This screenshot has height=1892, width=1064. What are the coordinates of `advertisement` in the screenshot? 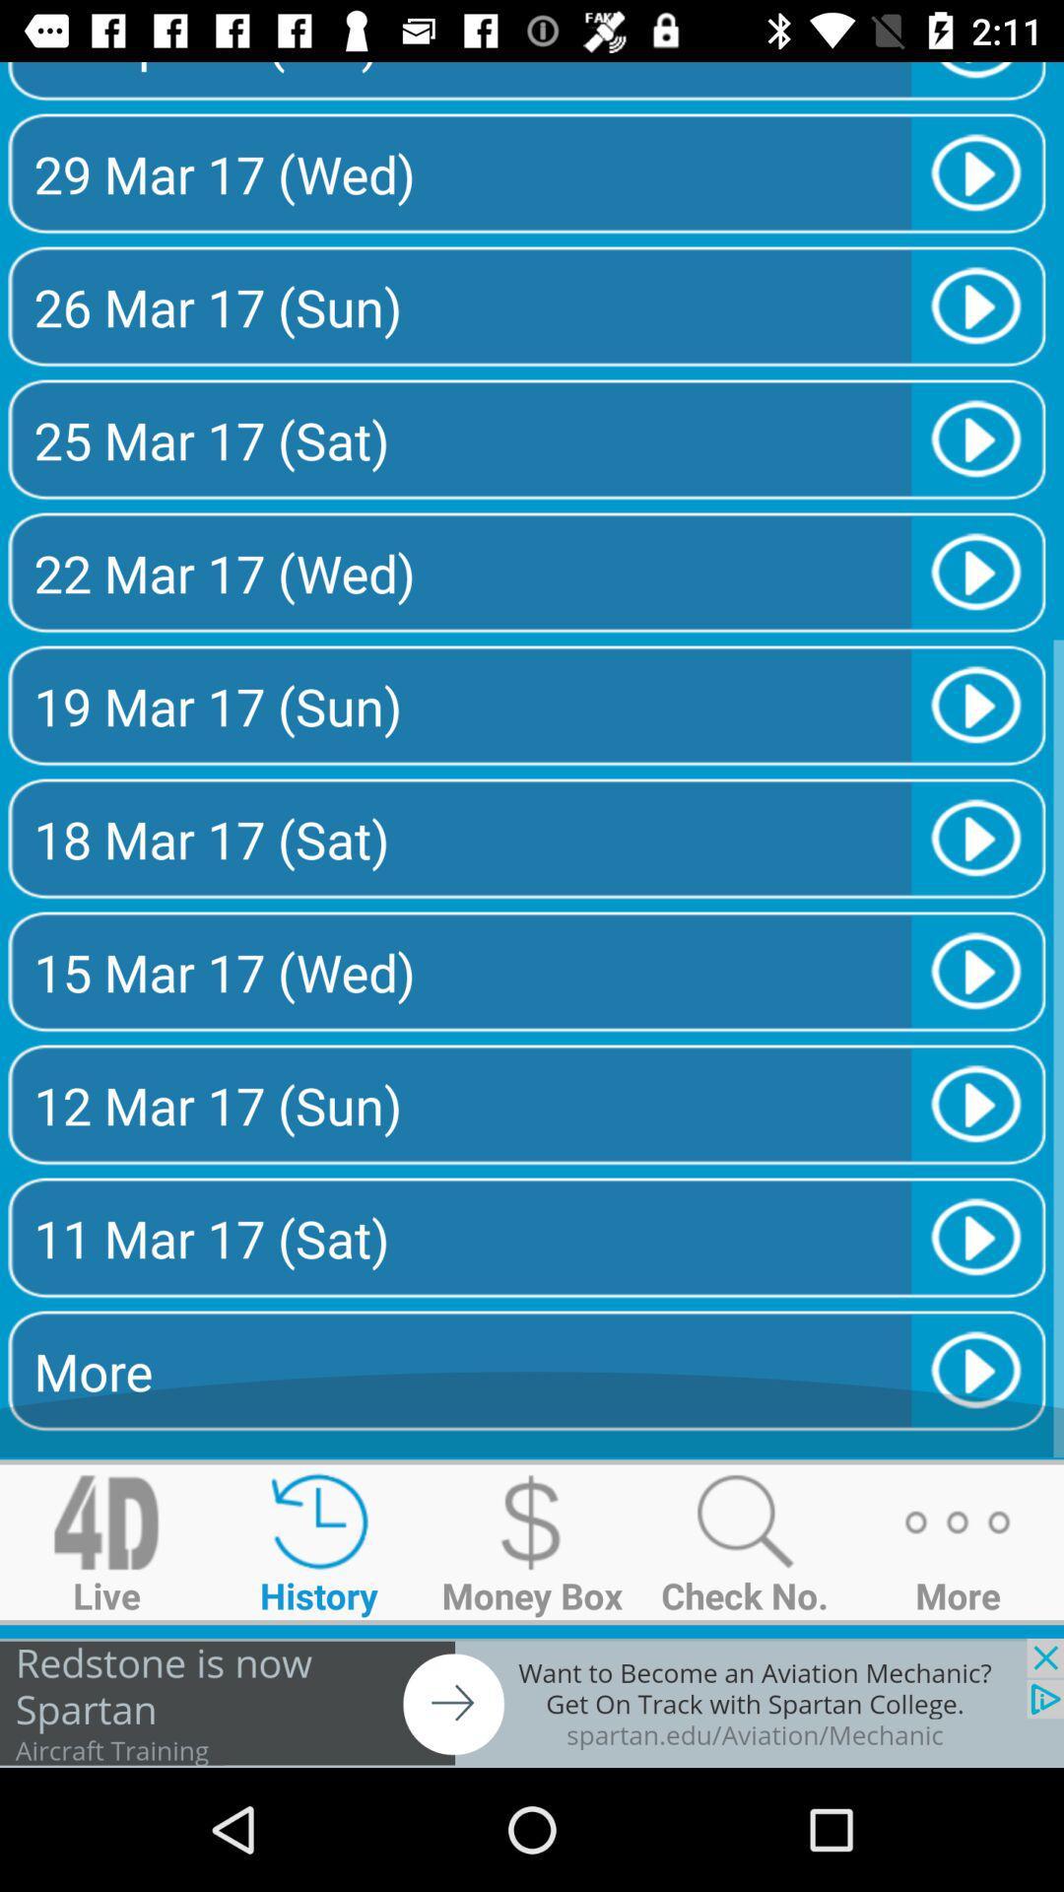 It's located at (532, 1702).